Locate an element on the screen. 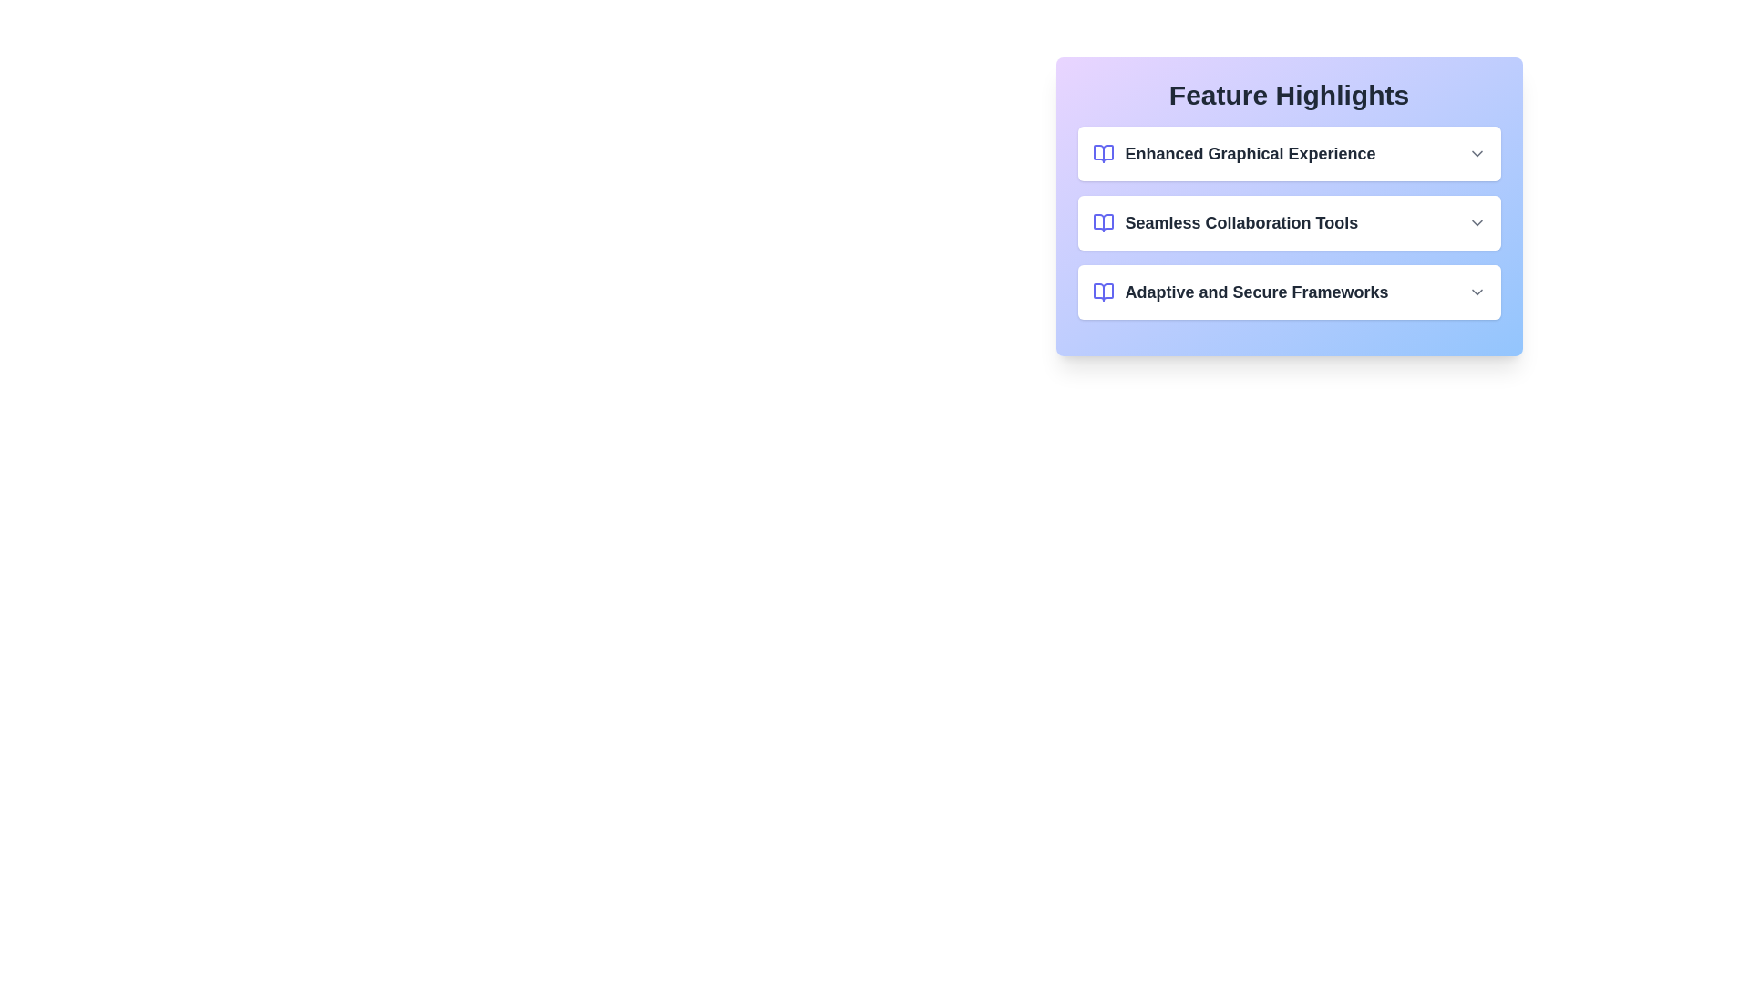 This screenshot has width=1750, height=984. the gray downward-facing chevron icon located on the right side of the row labeled 'Adaptive and Secure Frameworks' is located at coordinates (1477, 291).